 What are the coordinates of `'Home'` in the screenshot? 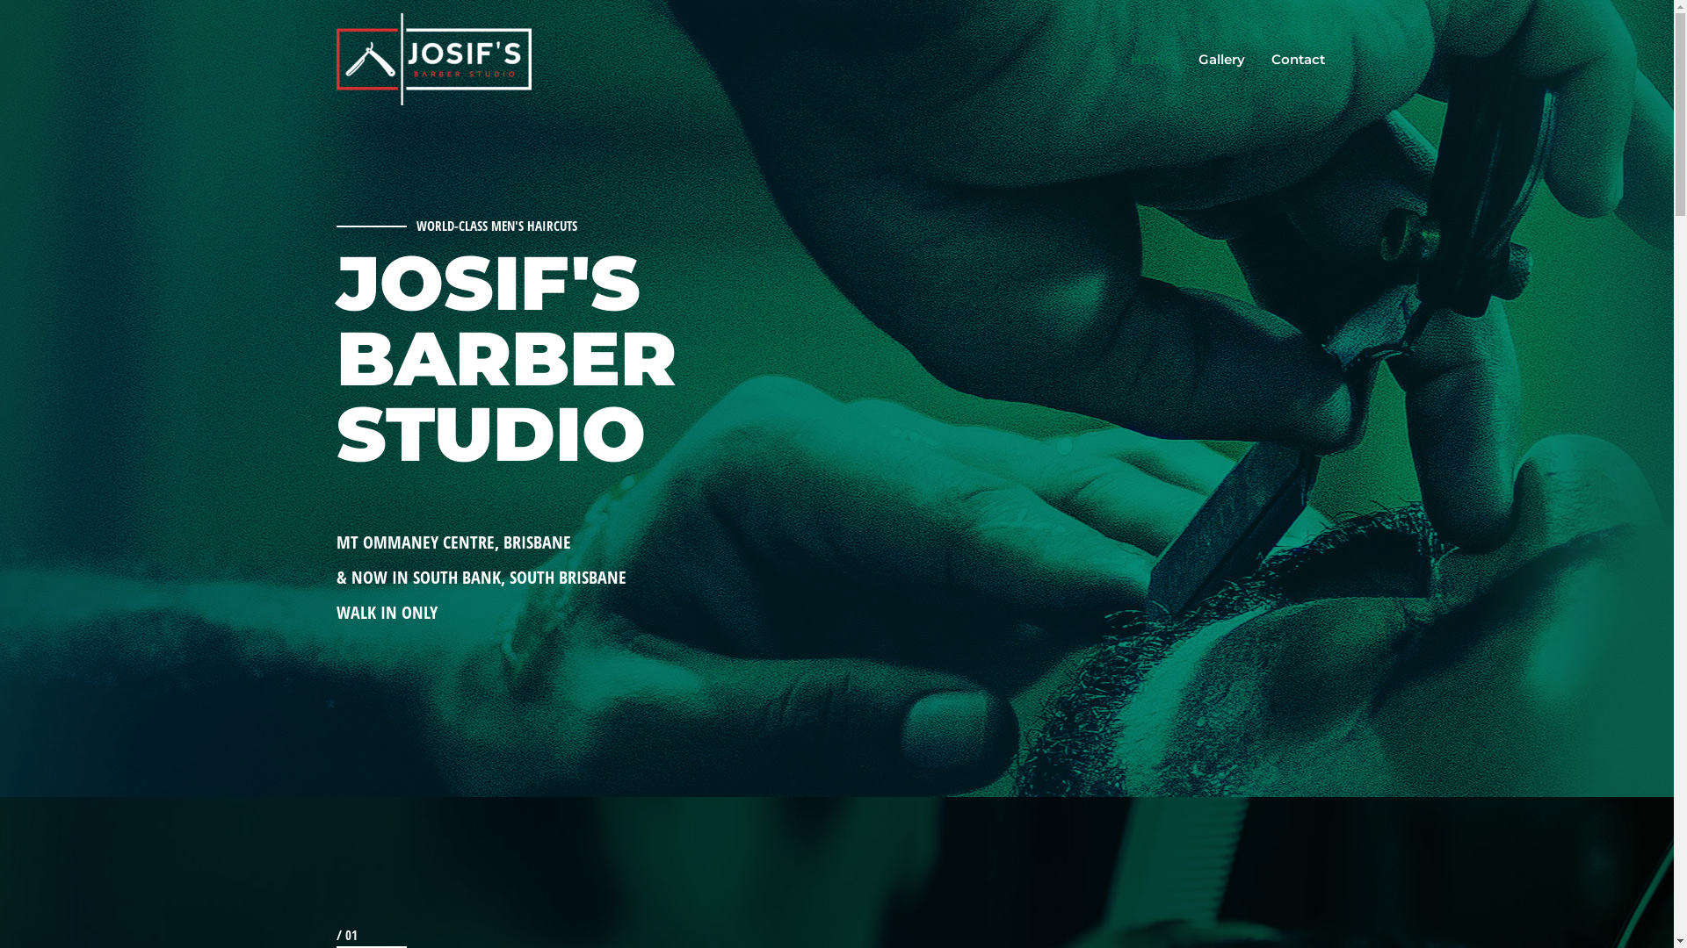 It's located at (1151, 59).